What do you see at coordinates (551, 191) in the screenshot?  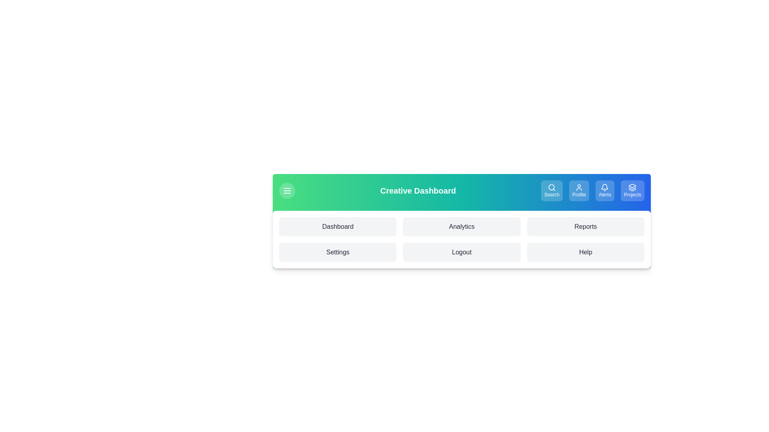 I see `the 'Search' button to initiate a search` at bounding box center [551, 191].